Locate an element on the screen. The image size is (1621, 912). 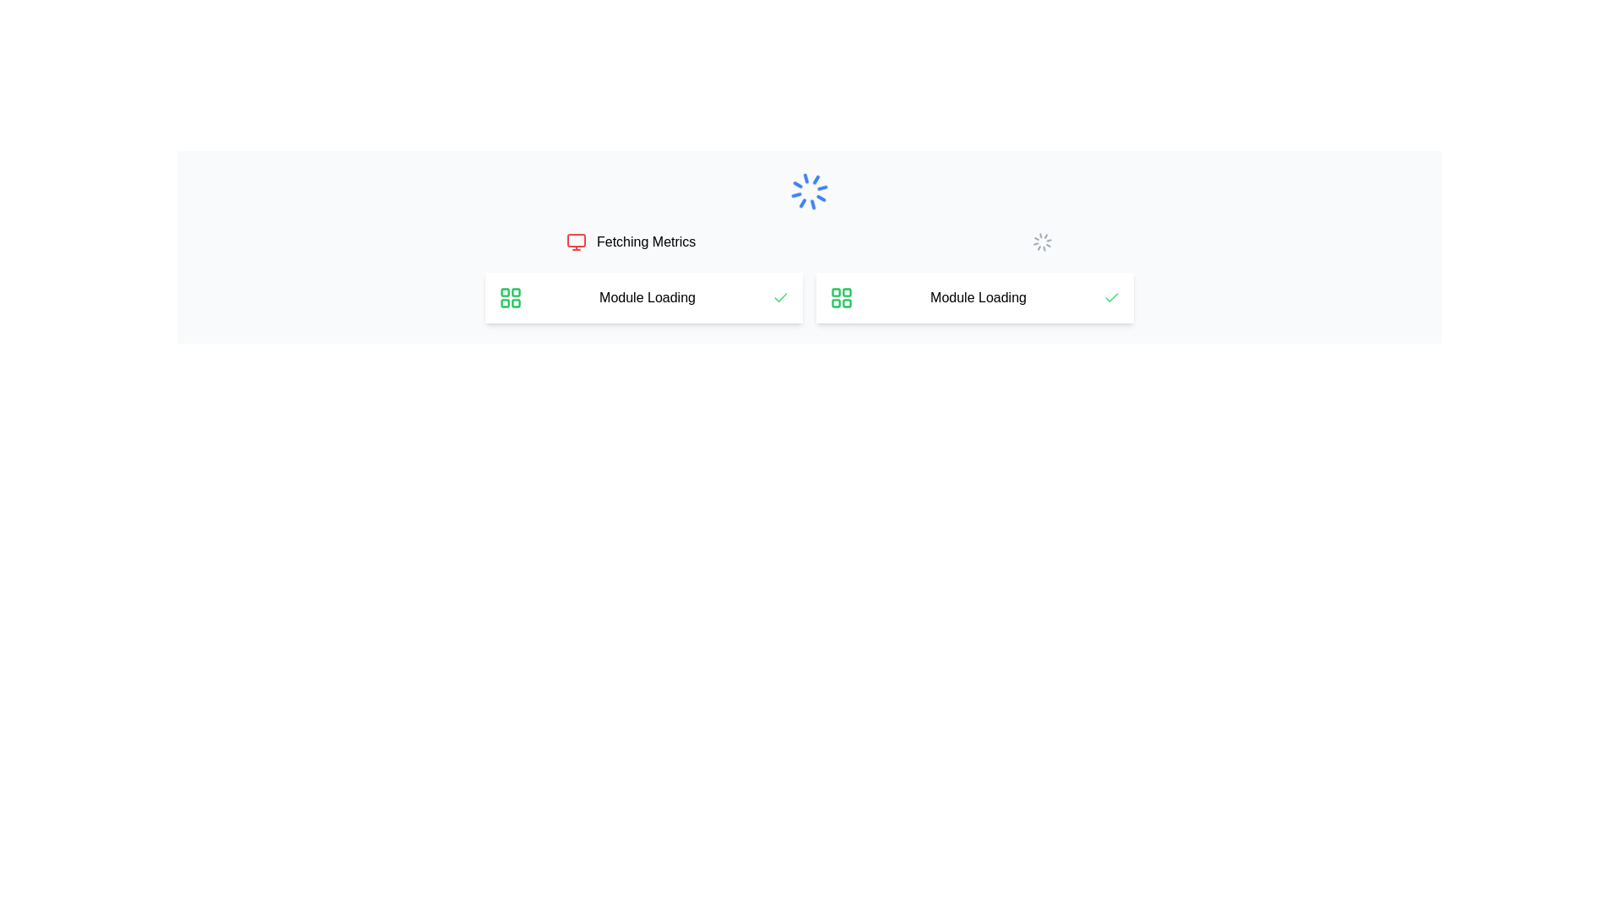
composite informational display element that shows the status of two modules, indicating their successful loading with the text 'Module Loading' is located at coordinates (809, 297).